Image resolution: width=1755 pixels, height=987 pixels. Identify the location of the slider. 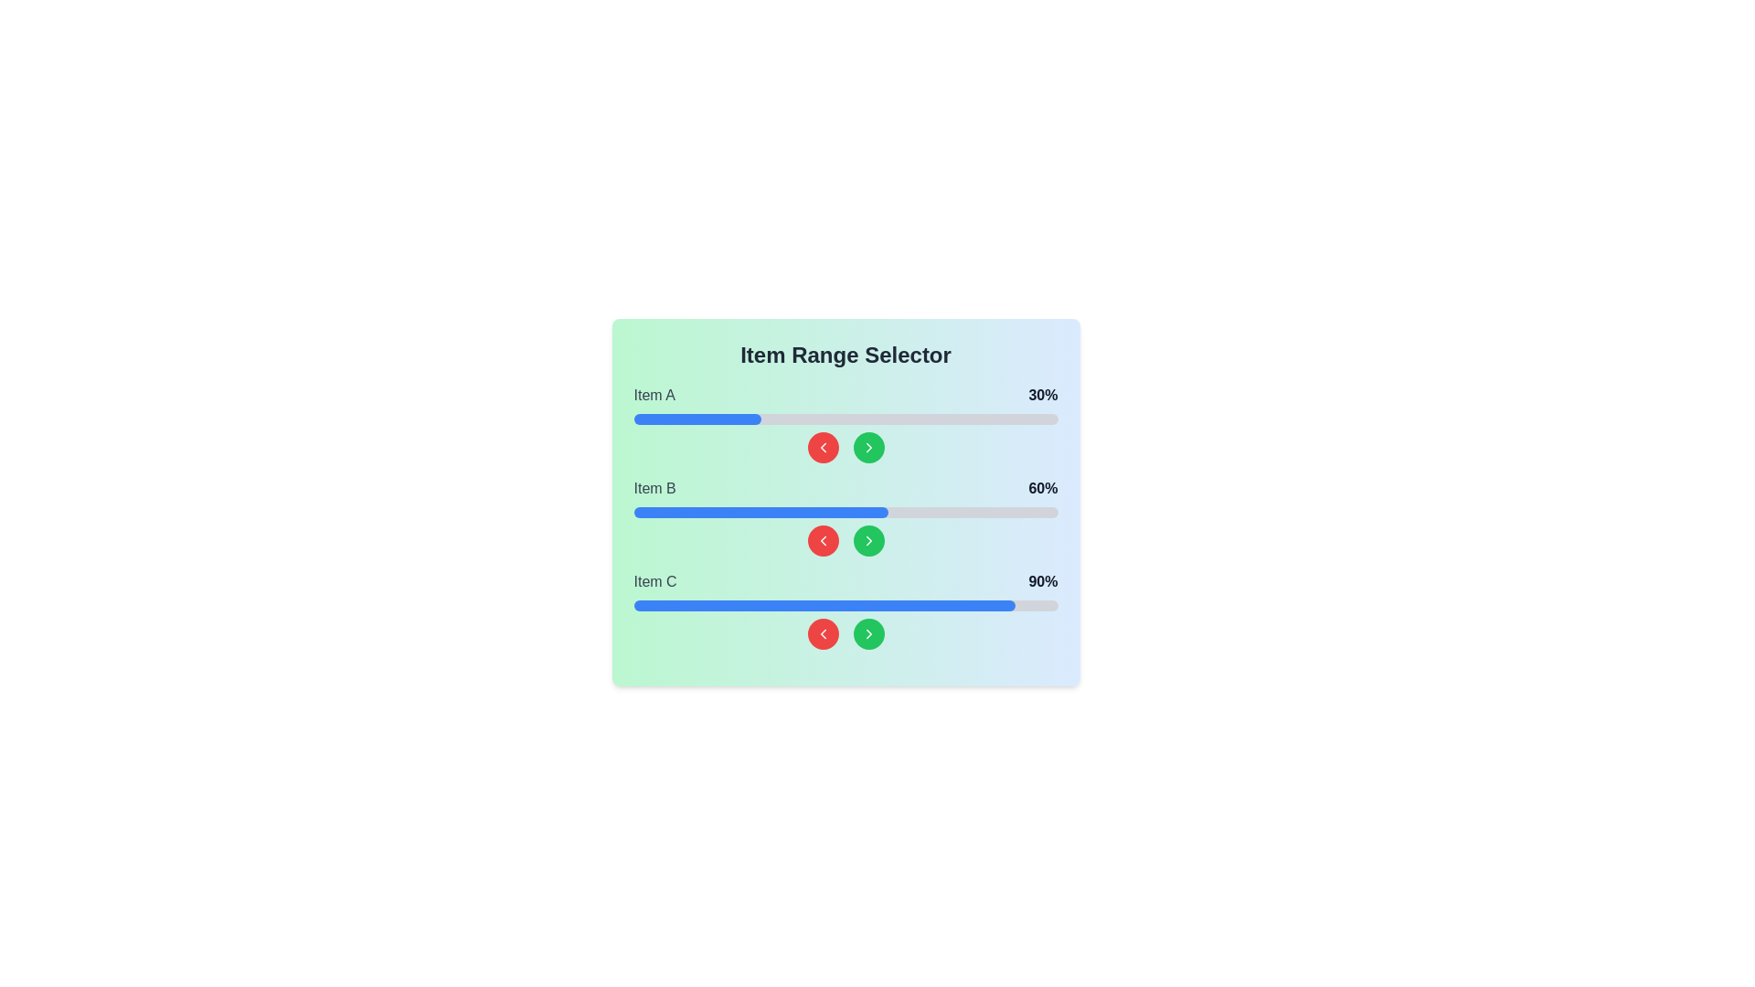
(697, 512).